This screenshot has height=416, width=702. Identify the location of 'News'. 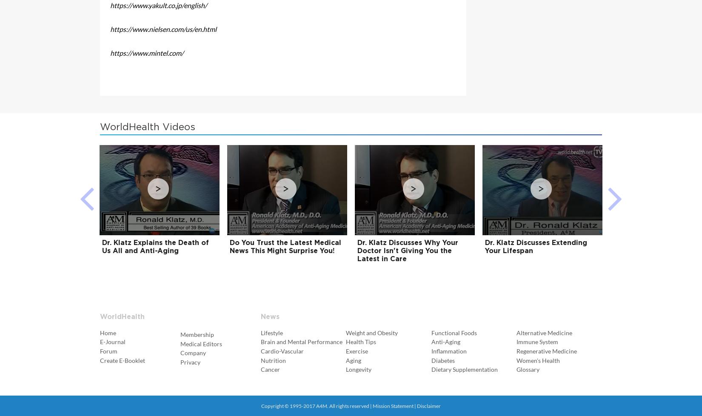
(269, 316).